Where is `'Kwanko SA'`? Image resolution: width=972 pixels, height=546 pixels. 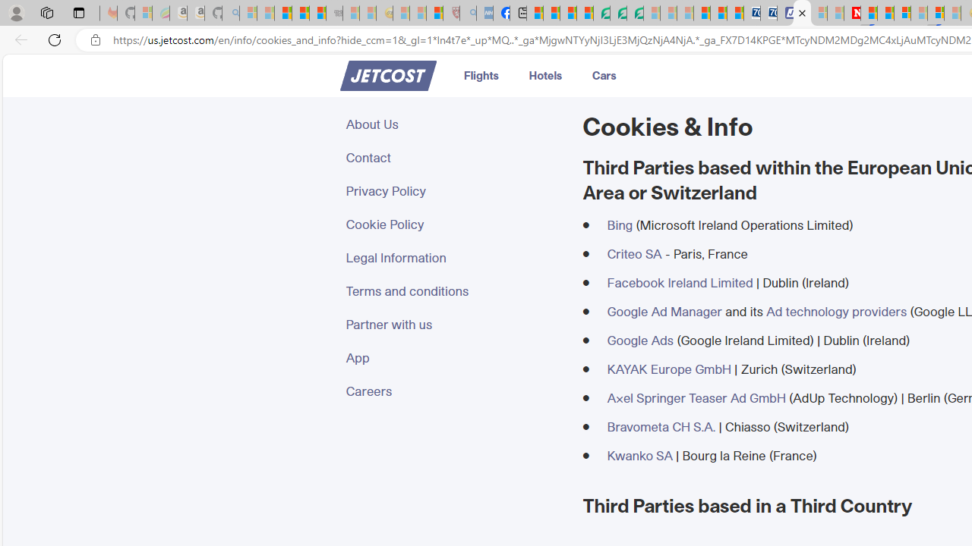
'Kwanko SA' is located at coordinates (639, 454).